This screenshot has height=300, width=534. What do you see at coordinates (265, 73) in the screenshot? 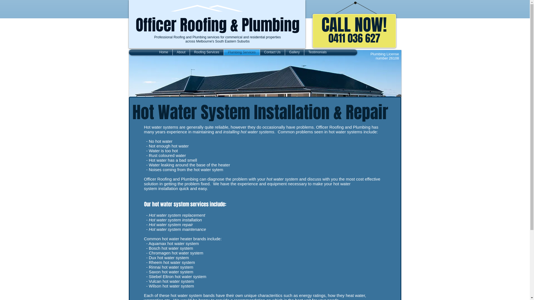
I see `'Officer Roof Restoration'` at bounding box center [265, 73].